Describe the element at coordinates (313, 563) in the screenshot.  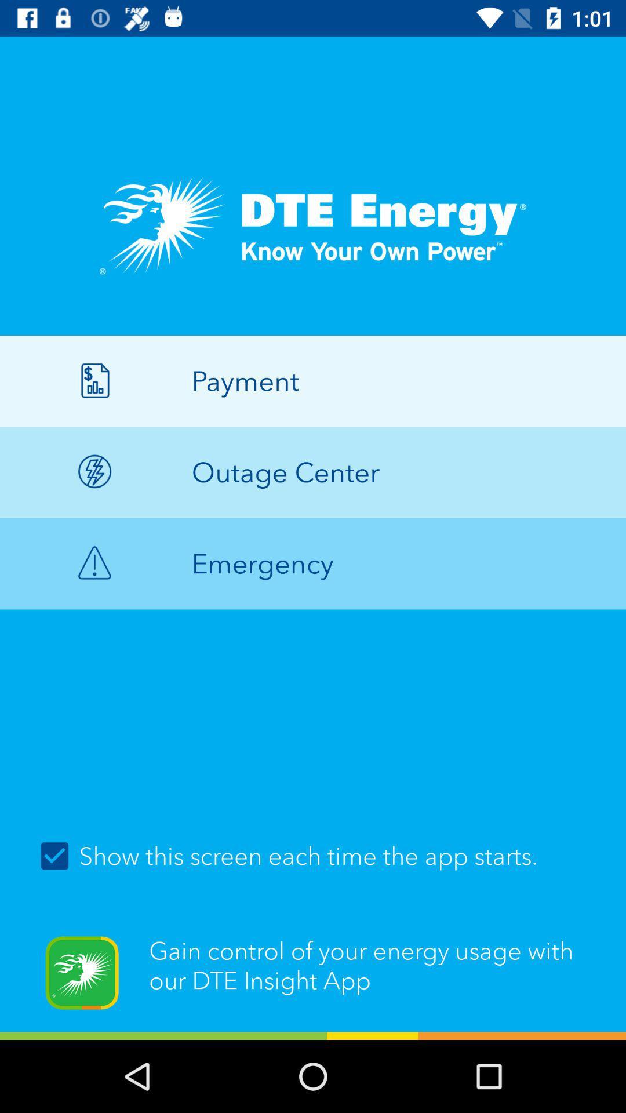
I see `the emergency` at that location.